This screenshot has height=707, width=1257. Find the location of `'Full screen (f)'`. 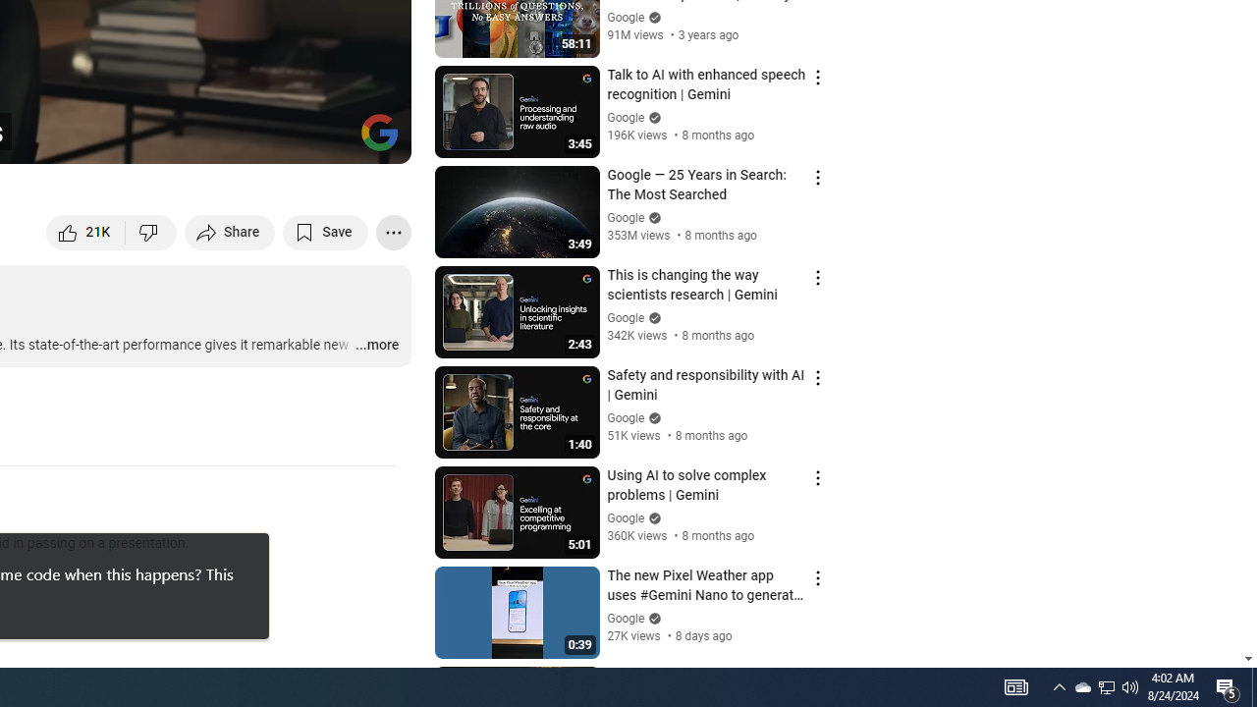

'Full screen (f)' is located at coordinates (375, 138).